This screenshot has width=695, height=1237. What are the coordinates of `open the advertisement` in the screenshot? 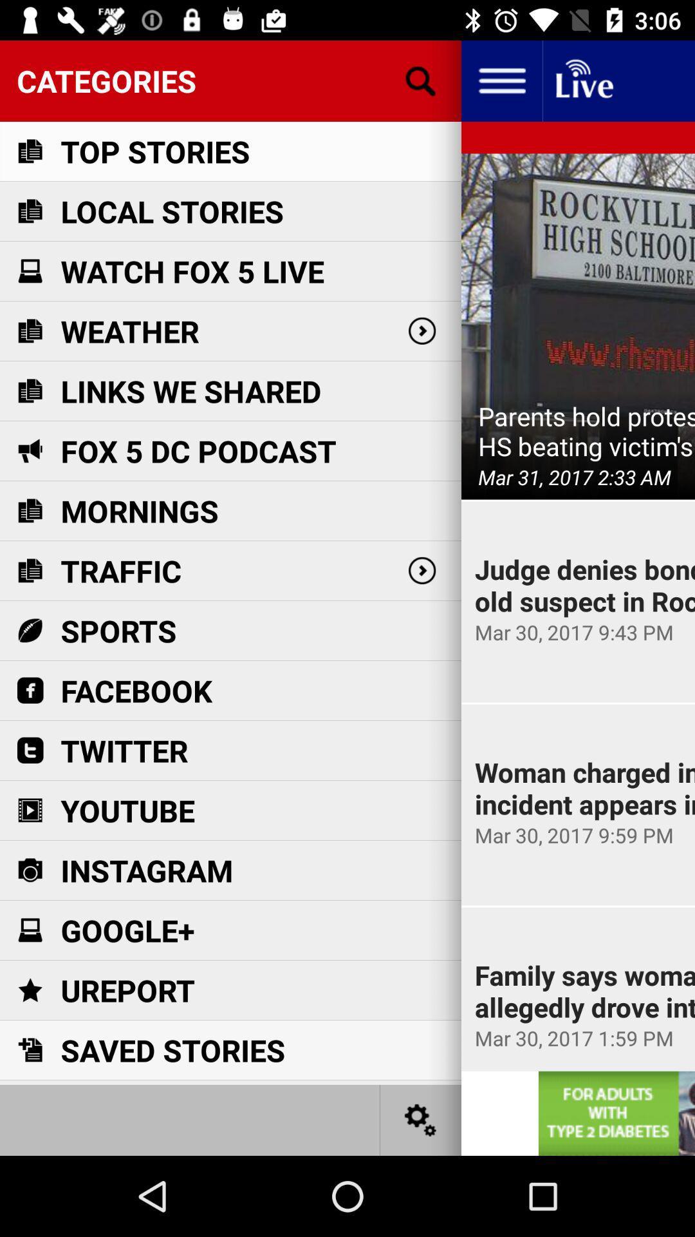 It's located at (616, 1113).